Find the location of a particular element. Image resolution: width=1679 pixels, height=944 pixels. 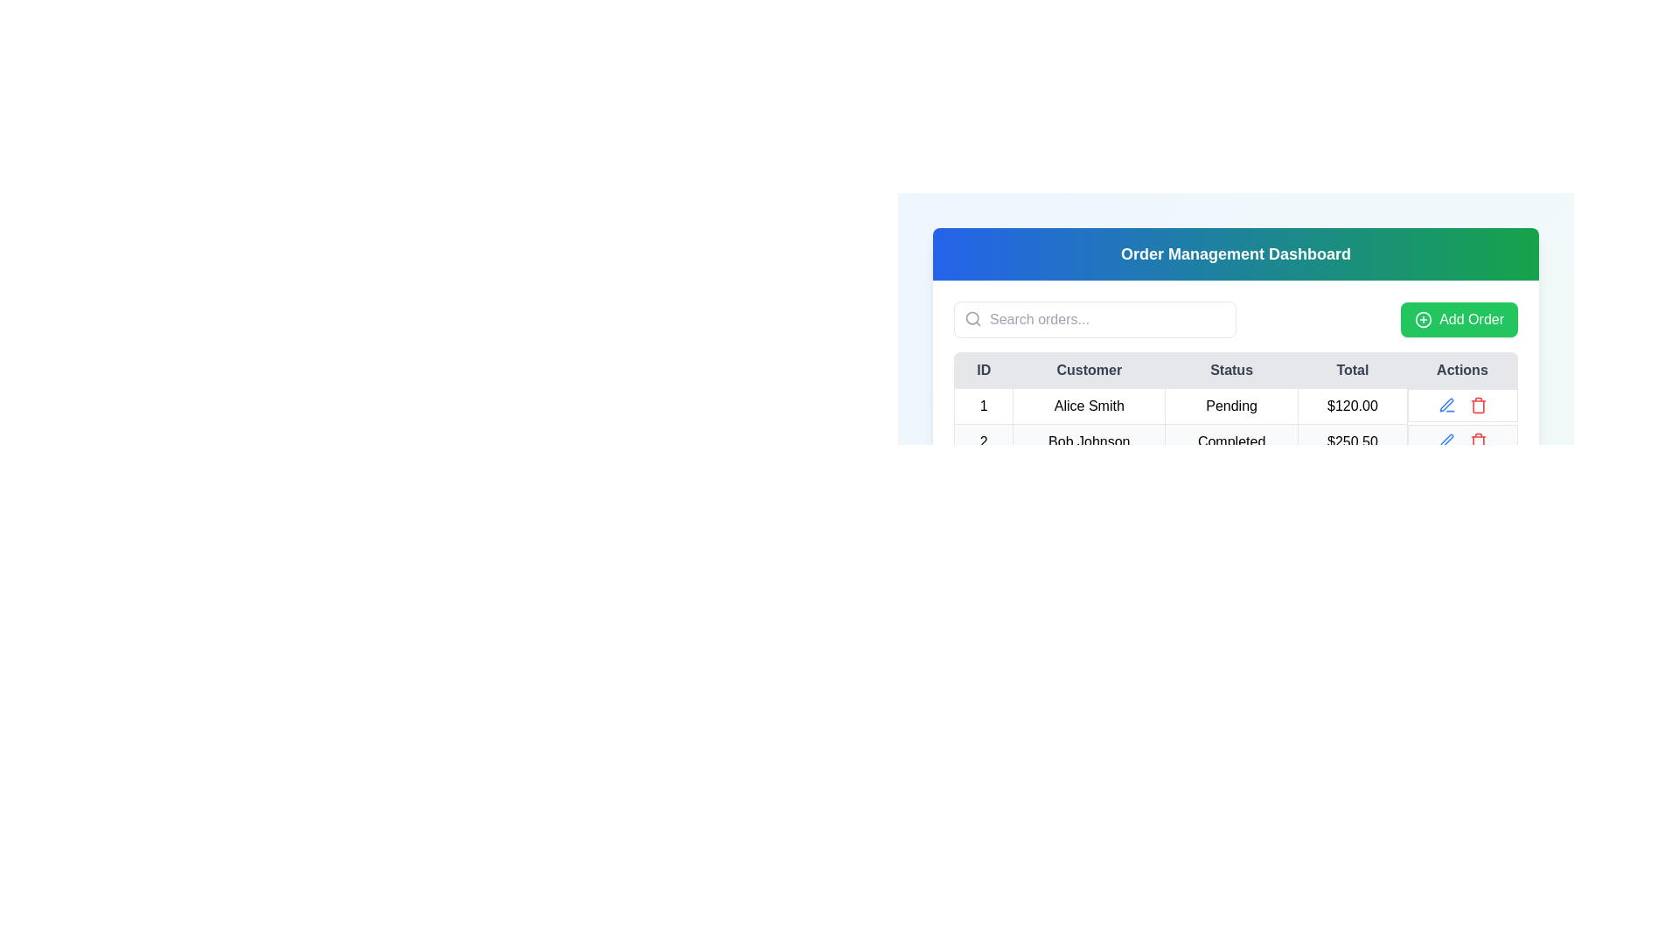

the second row in the table under the 'Order Management Dashboard' header, which contains '2', 'Bob Johnson', 'Completed', and '$250.50' is located at coordinates (1235, 441).